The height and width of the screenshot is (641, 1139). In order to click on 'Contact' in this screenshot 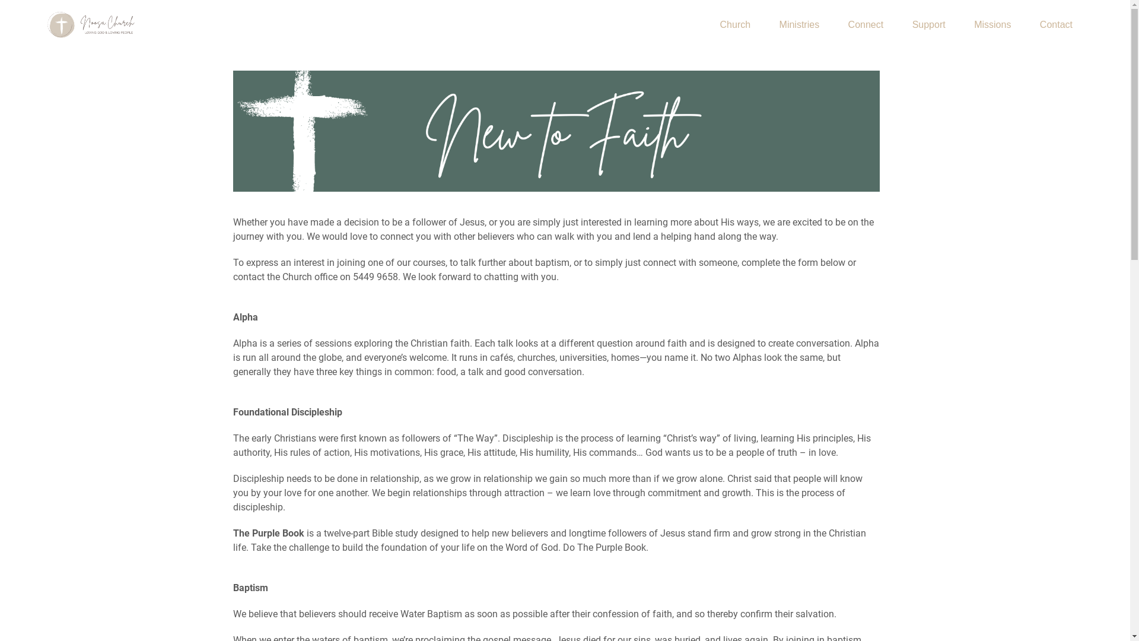, I will do `click(1056, 25)`.